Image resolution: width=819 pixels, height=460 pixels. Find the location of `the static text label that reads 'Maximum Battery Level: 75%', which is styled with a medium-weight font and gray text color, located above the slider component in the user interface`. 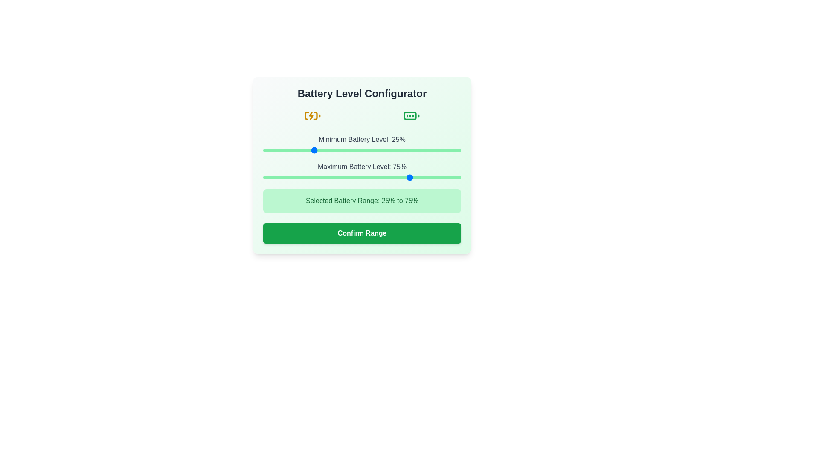

the static text label that reads 'Maximum Battery Level: 75%', which is styled with a medium-weight font and gray text color, located above the slider component in the user interface is located at coordinates (362, 167).